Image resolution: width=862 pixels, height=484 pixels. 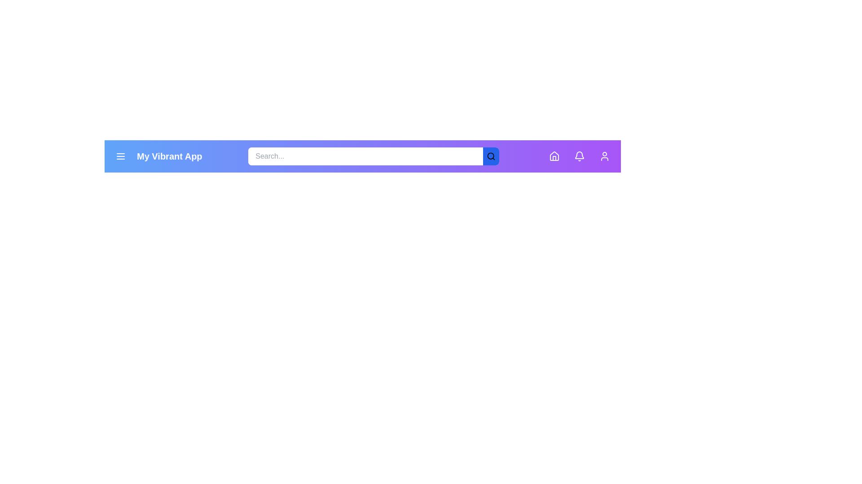 What do you see at coordinates (554, 156) in the screenshot?
I see `the home button to navigate to the homepage` at bounding box center [554, 156].